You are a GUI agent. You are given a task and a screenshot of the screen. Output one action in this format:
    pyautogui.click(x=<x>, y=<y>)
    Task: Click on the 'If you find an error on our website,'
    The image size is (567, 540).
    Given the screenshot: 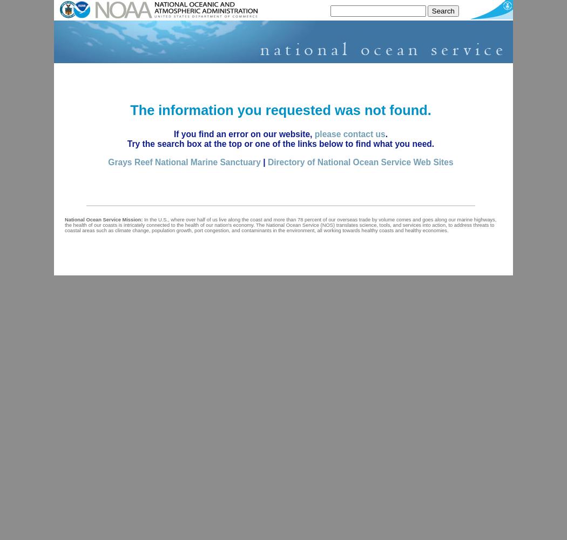 What is the action you would take?
    pyautogui.click(x=173, y=133)
    